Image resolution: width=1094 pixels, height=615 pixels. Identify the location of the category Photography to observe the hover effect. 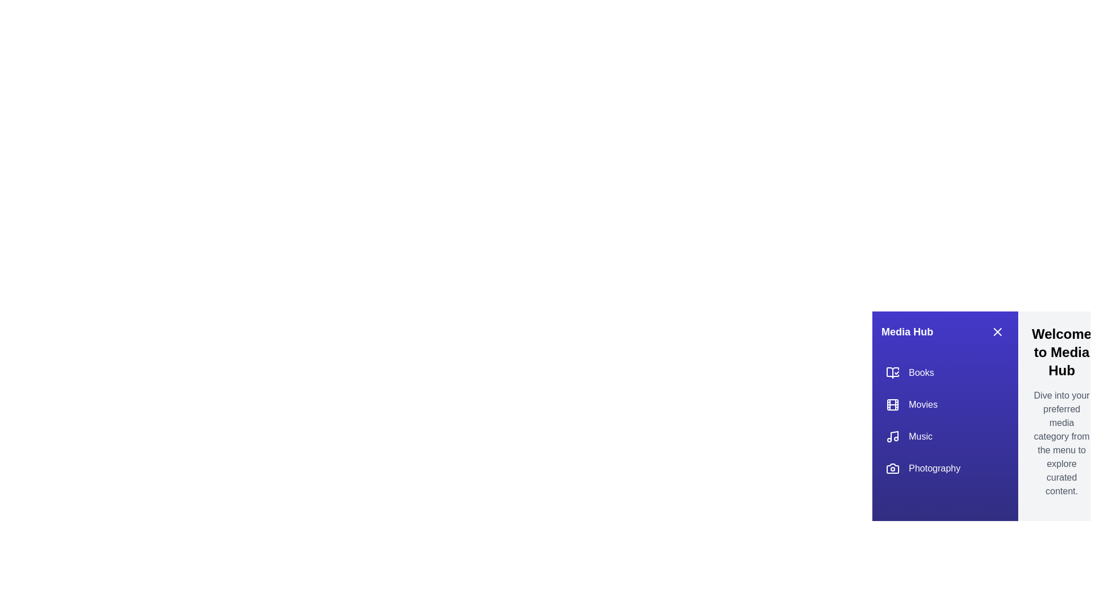
(945, 468).